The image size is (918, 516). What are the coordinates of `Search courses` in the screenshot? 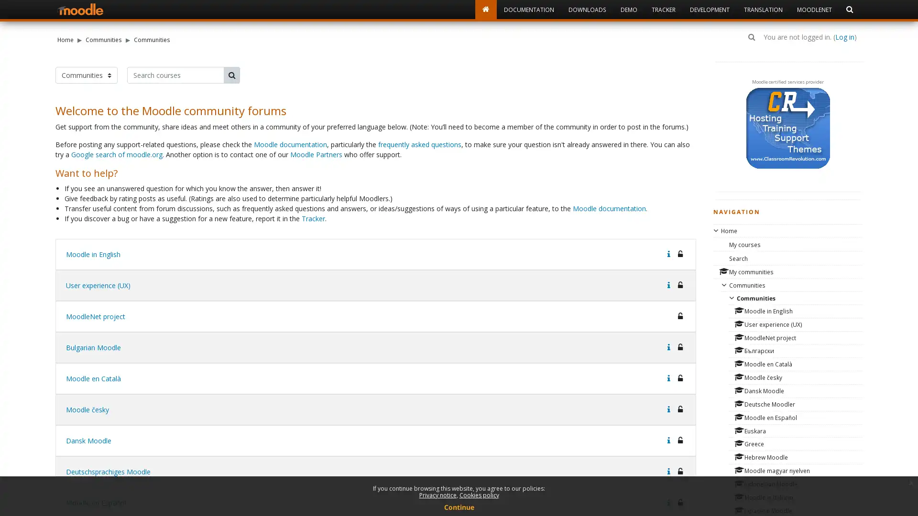 It's located at (231, 75).